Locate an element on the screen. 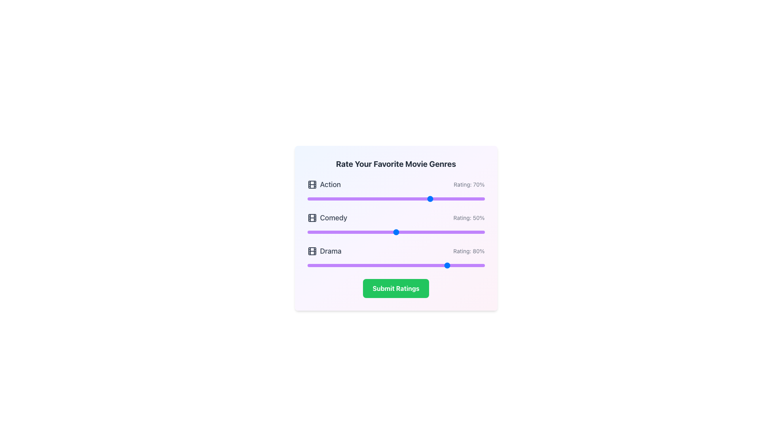  the slider value is located at coordinates (465, 266).